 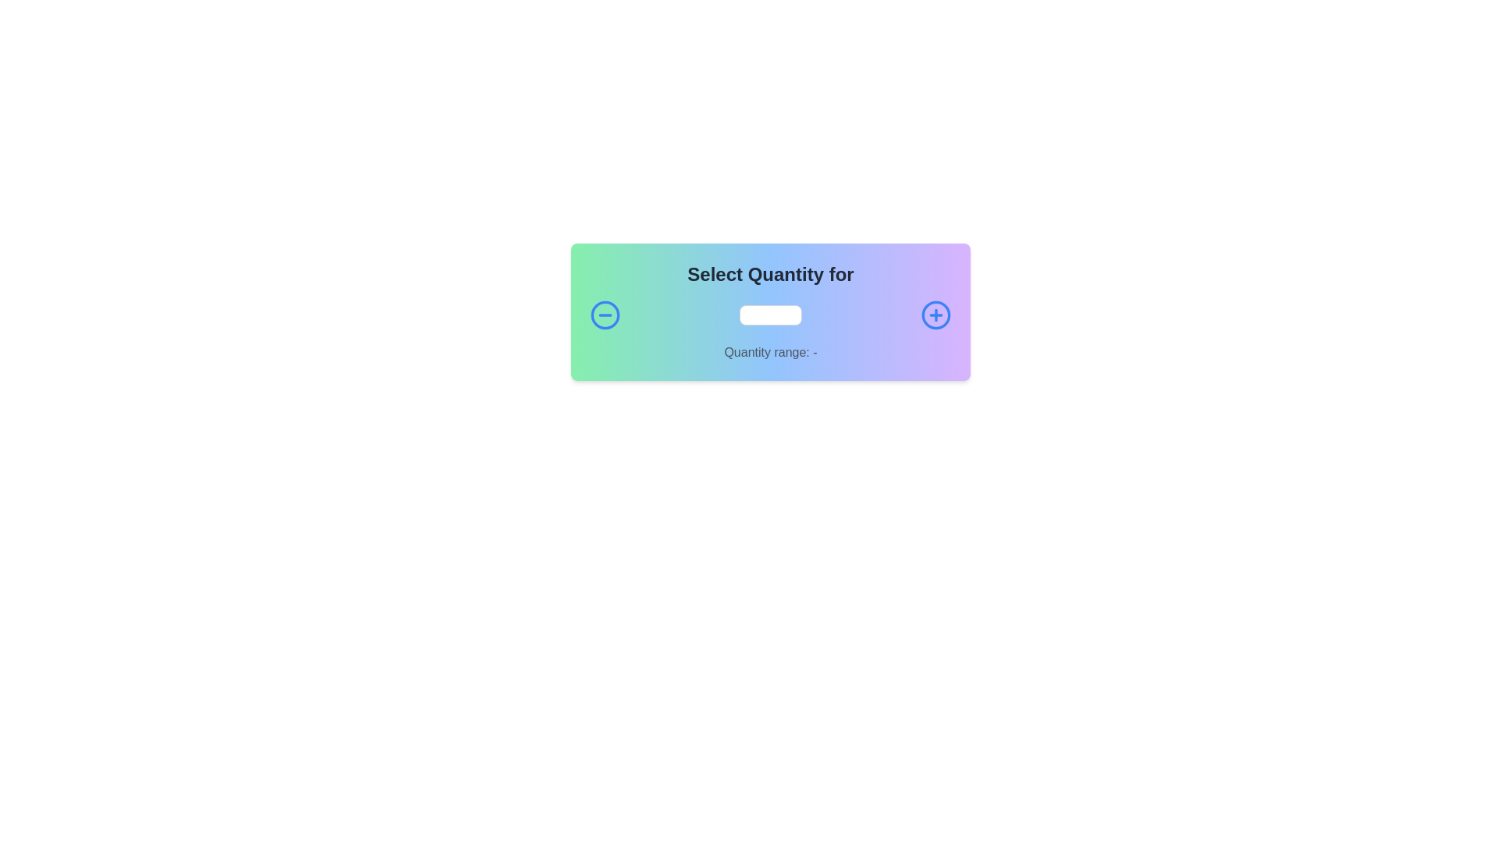 I want to click on the button located on the left side of the horizontal bar to decrease the quantity displayed in the adjacent input field, so click(x=605, y=315).